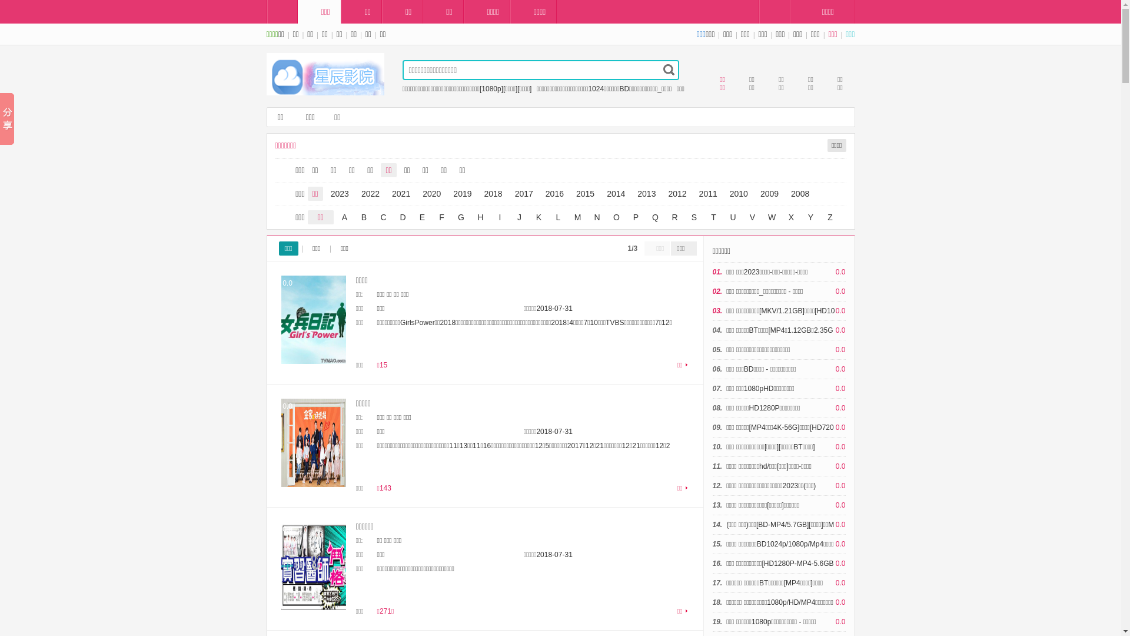  What do you see at coordinates (635, 217) in the screenshot?
I see `'P'` at bounding box center [635, 217].